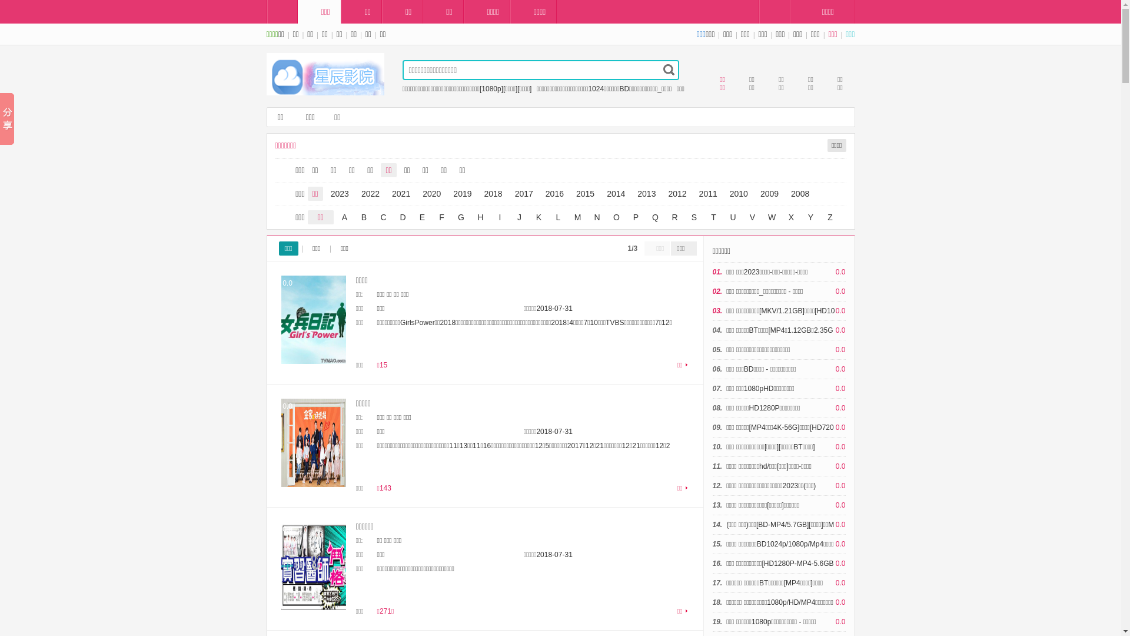  What do you see at coordinates (635, 217) in the screenshot?
I see `'P'` at bounding box center [635, 217].